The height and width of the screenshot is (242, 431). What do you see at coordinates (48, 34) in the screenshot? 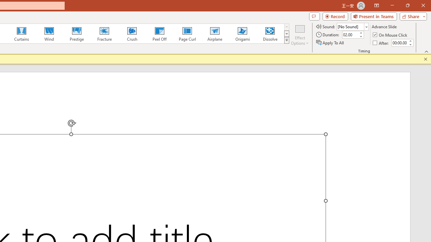
I see `'Wind'` at bounding box center [48, 34].